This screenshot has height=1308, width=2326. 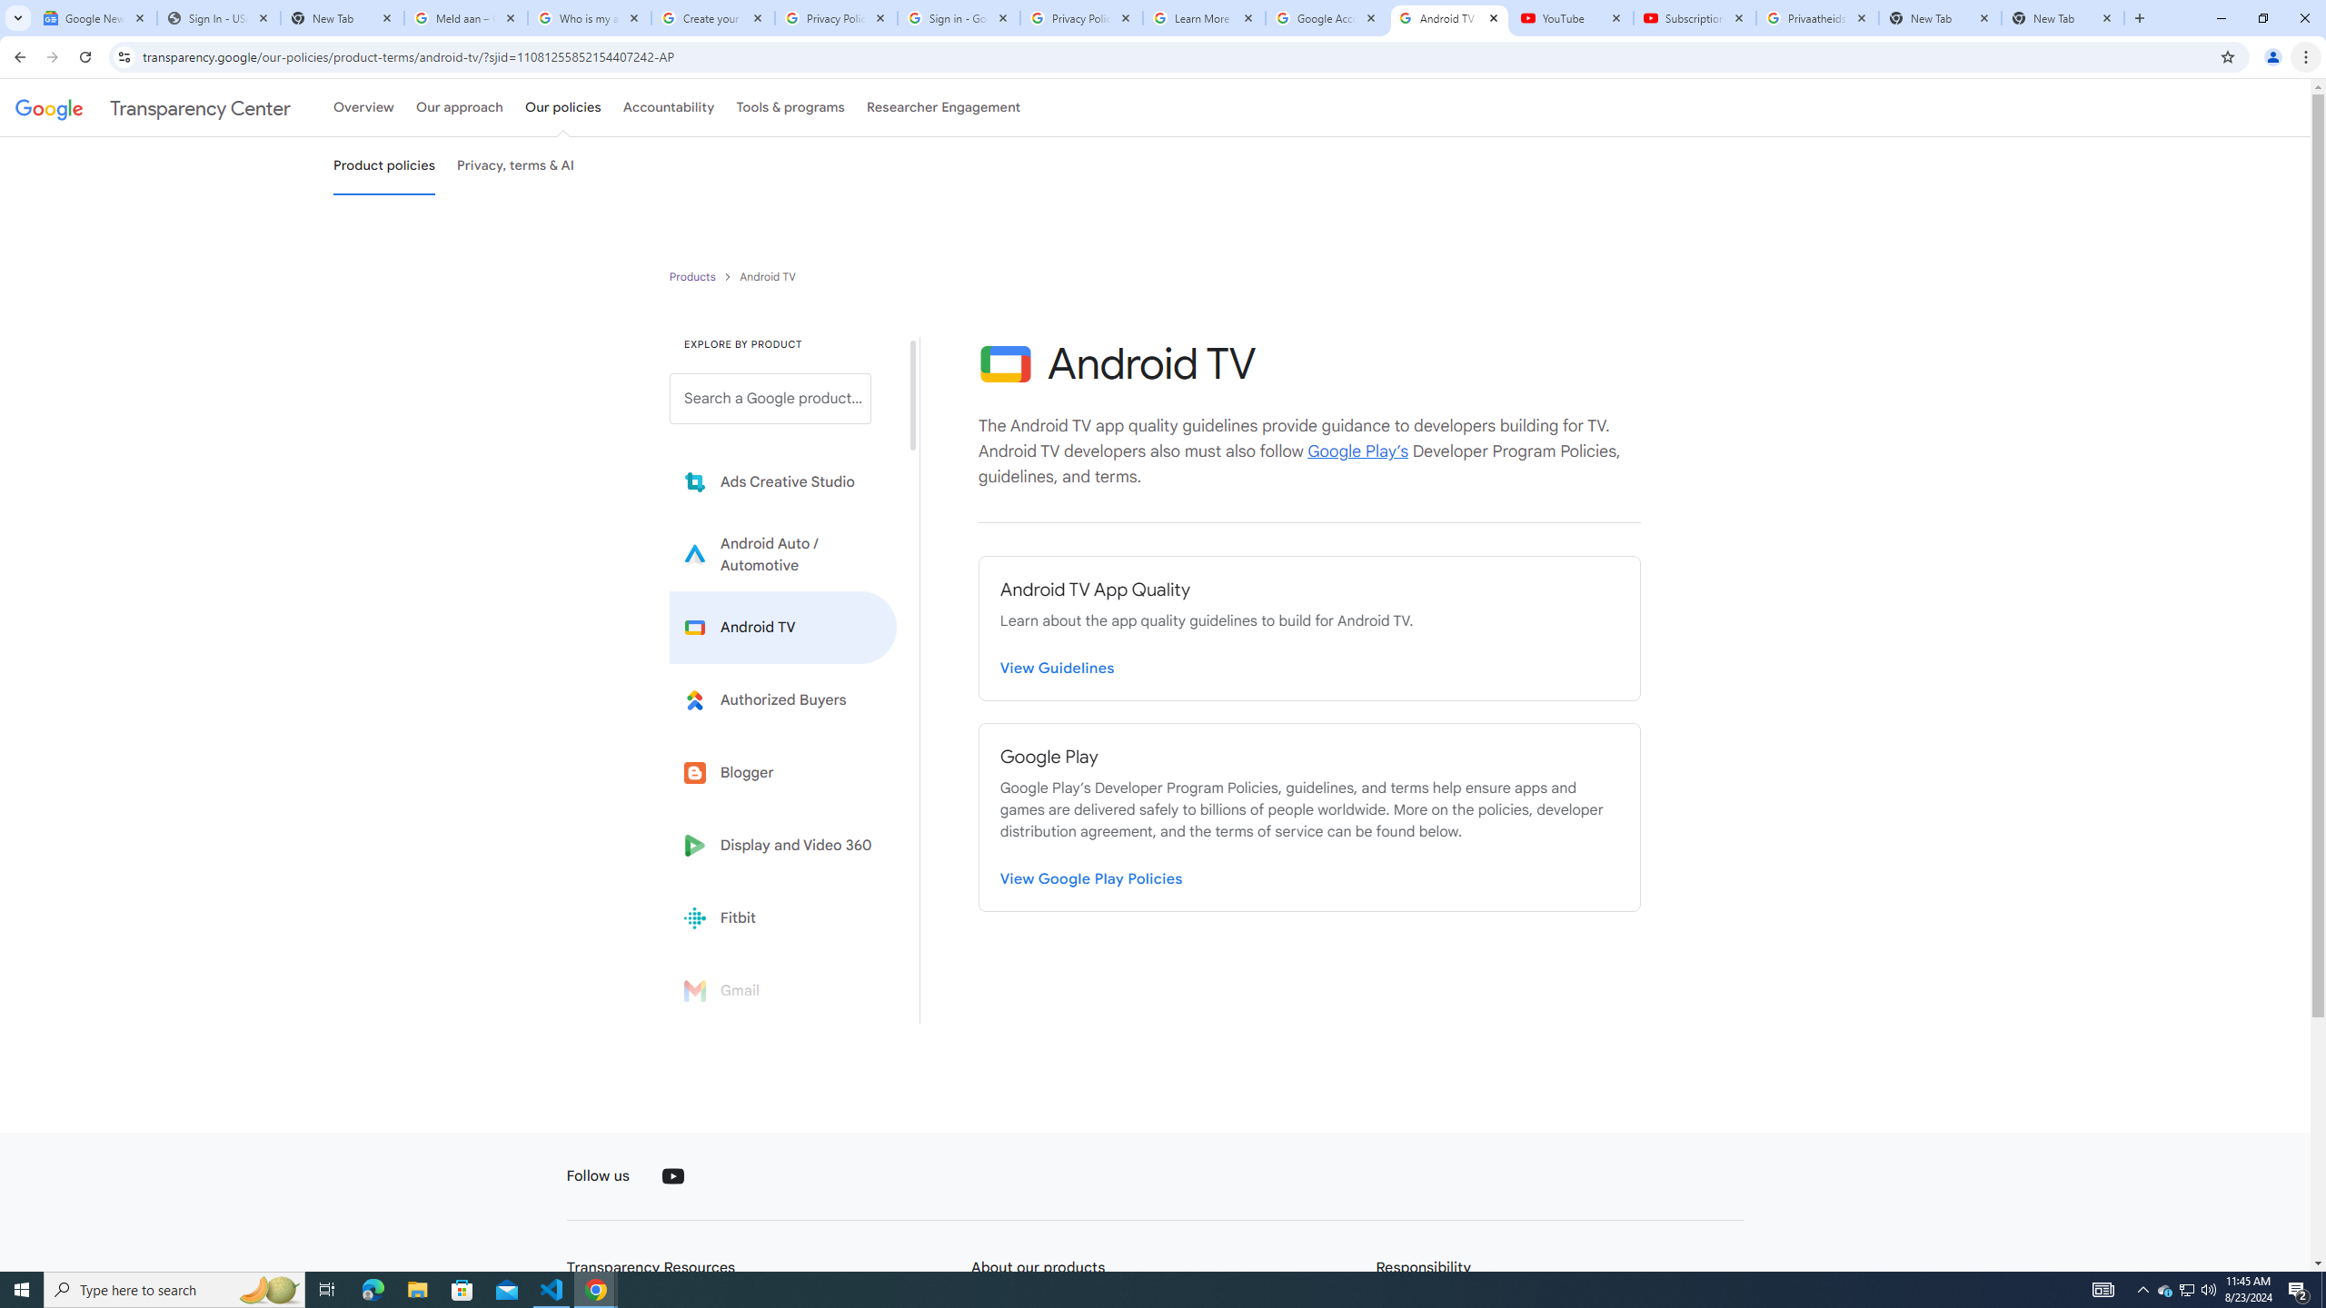 What do you see at coordinates (1090, 876) in the screenshot?
I see `'View Google Play Policies'` at bounding box center [1090, 876].